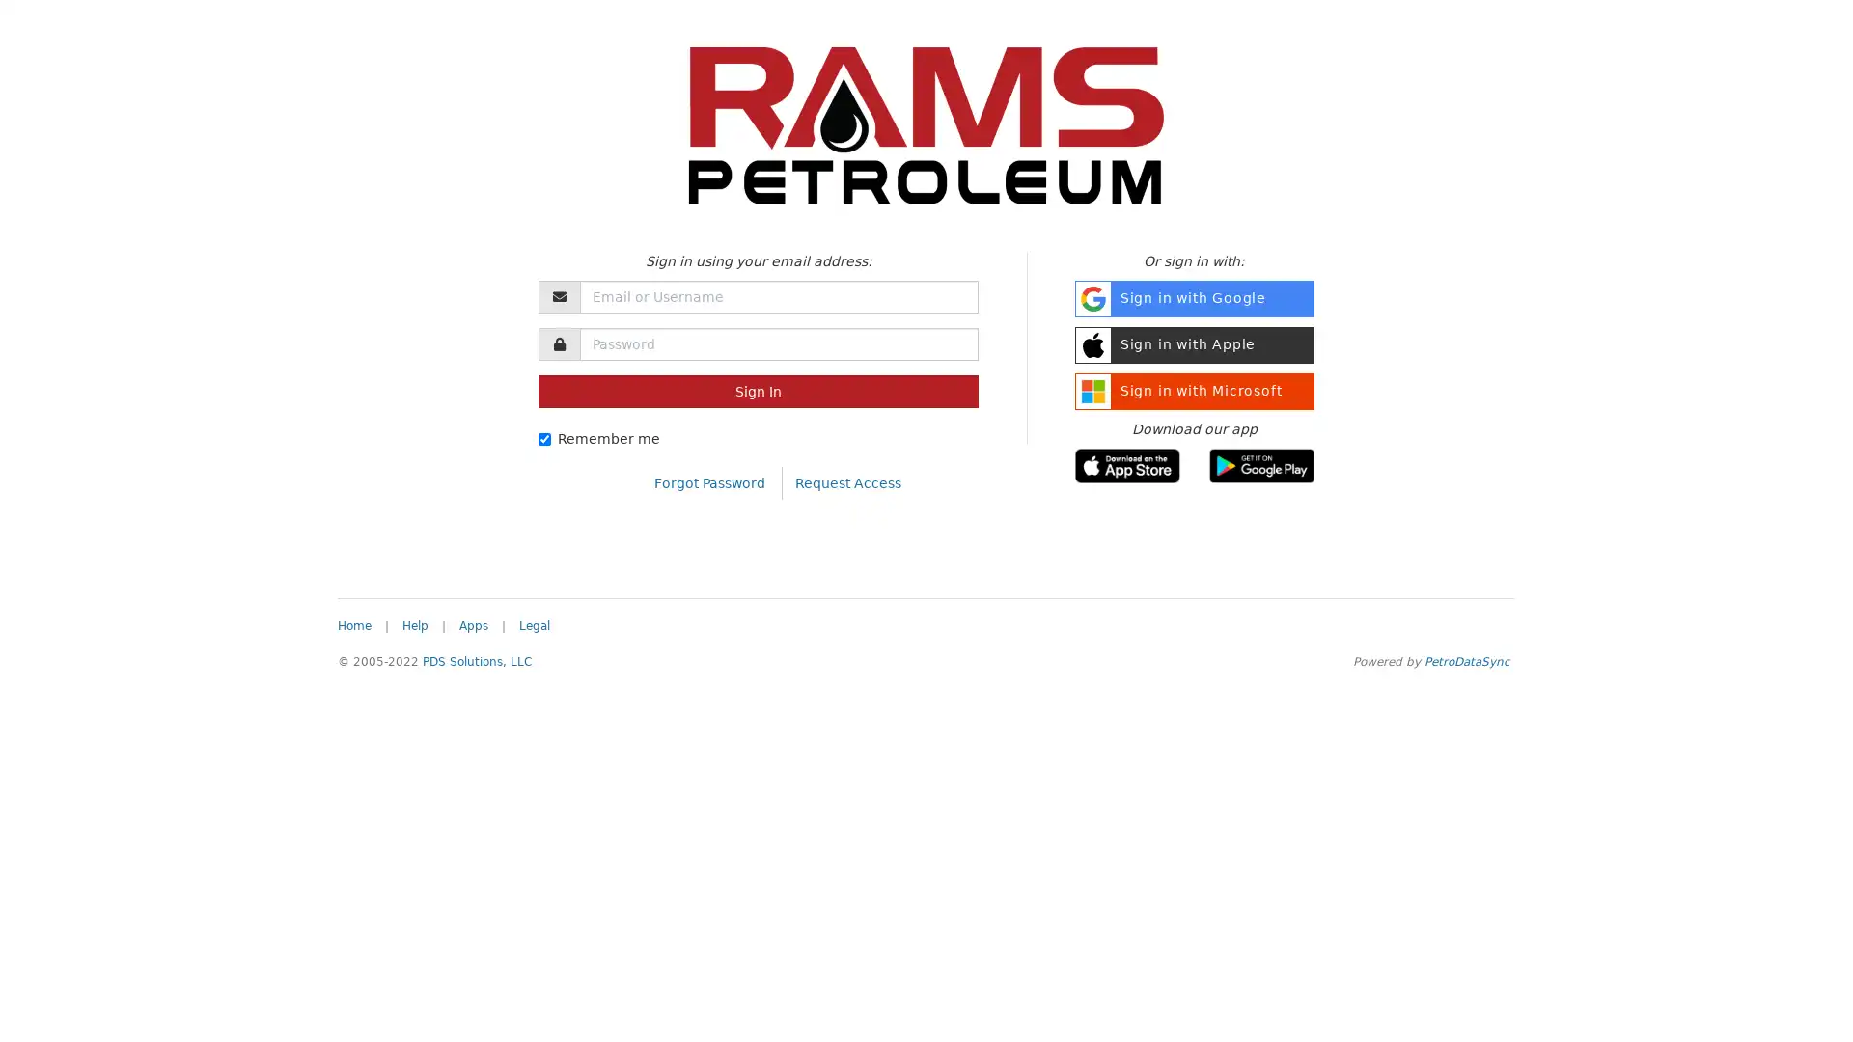 The width and height of the screenshot is (1853, 1042). I want to click on Forgot Password, so click(707, 481).